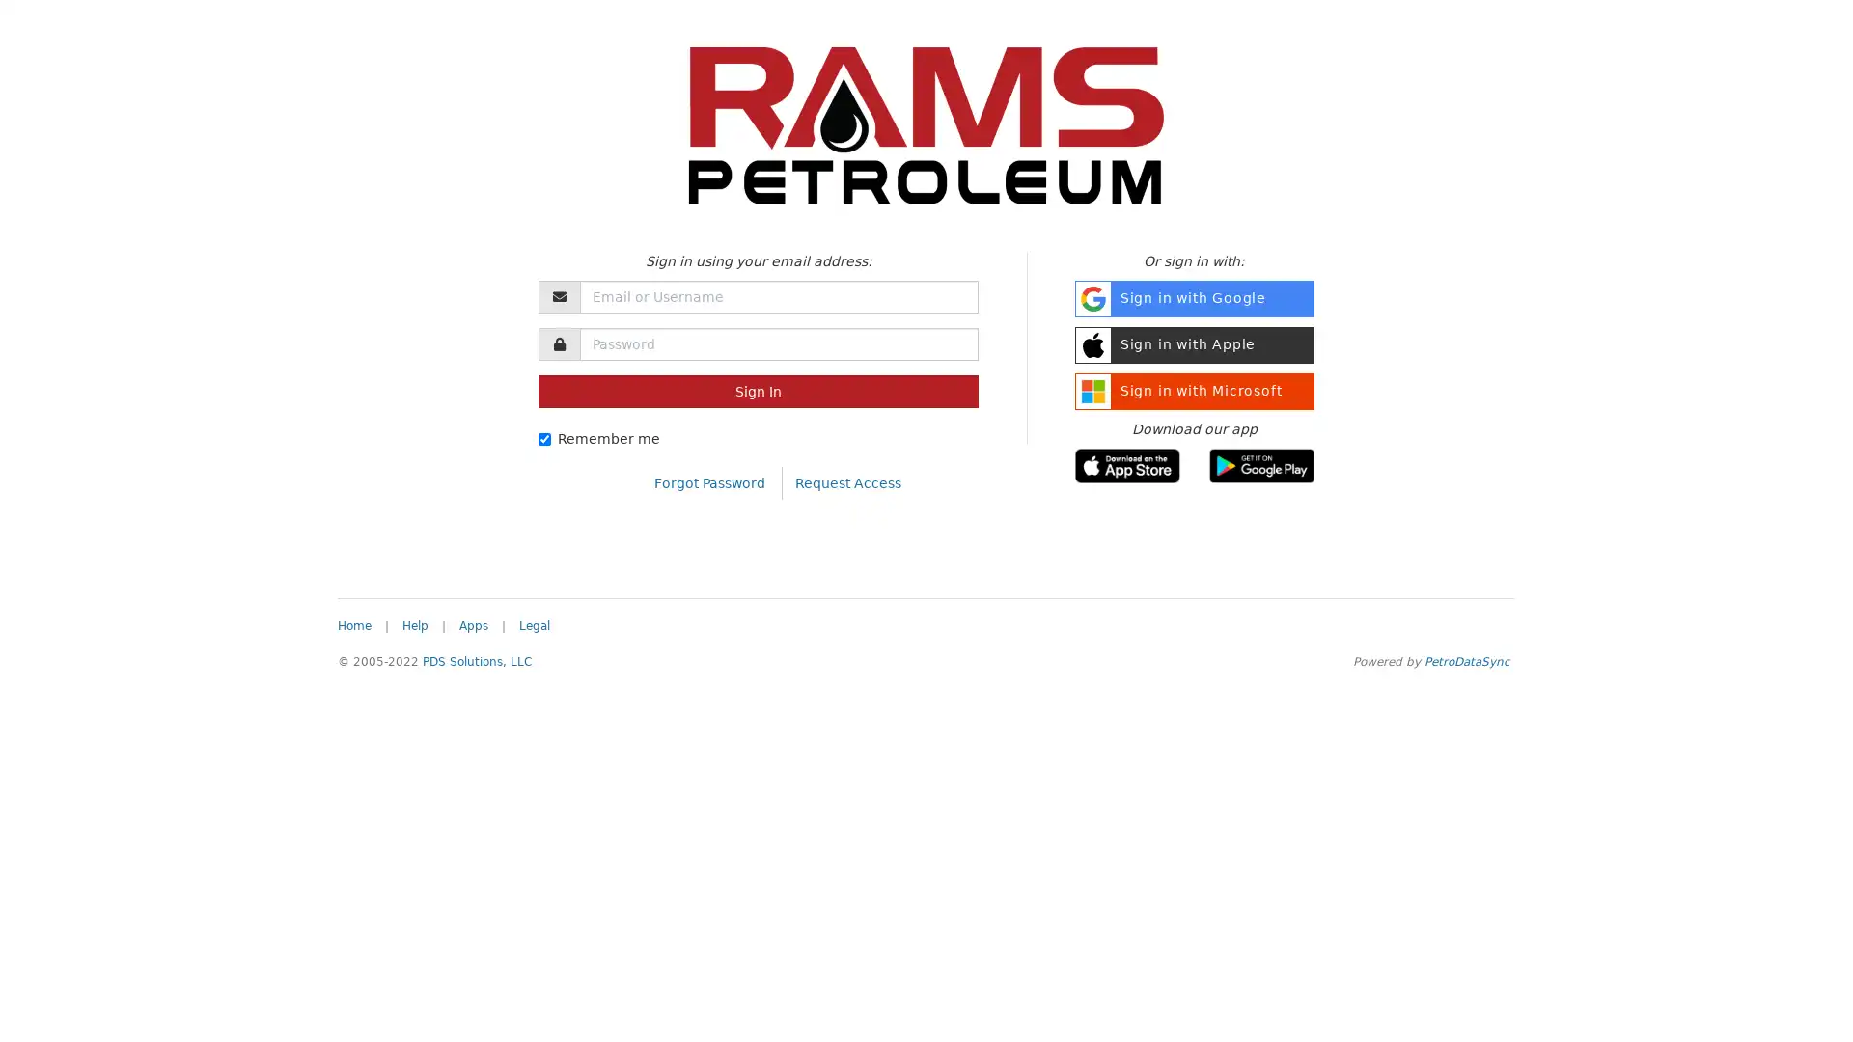 The width and height of the screenshot is (1853, 1042). I want to click on Forgot Password, so click(707, 481).